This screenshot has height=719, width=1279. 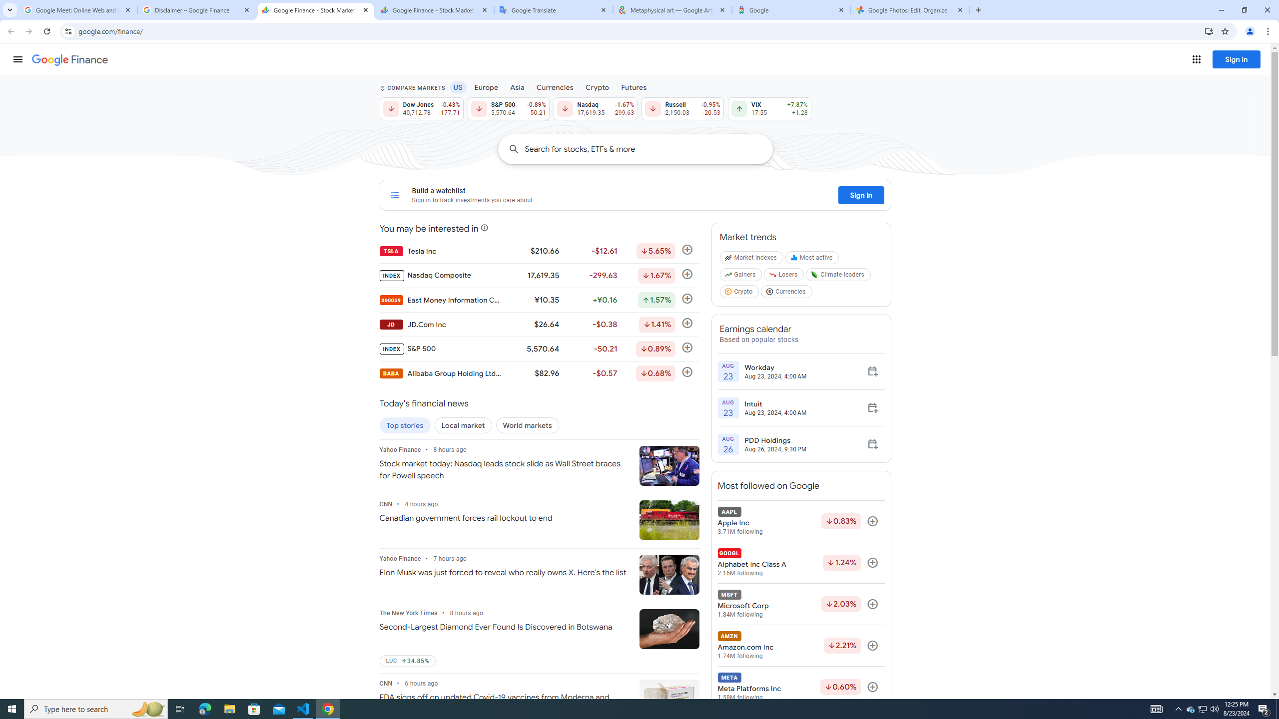 What do you see at coordinates (839, 277) in the screenshot?
I see `'GLeaf logo Climate leaders'` at bounding box center [839, 277].